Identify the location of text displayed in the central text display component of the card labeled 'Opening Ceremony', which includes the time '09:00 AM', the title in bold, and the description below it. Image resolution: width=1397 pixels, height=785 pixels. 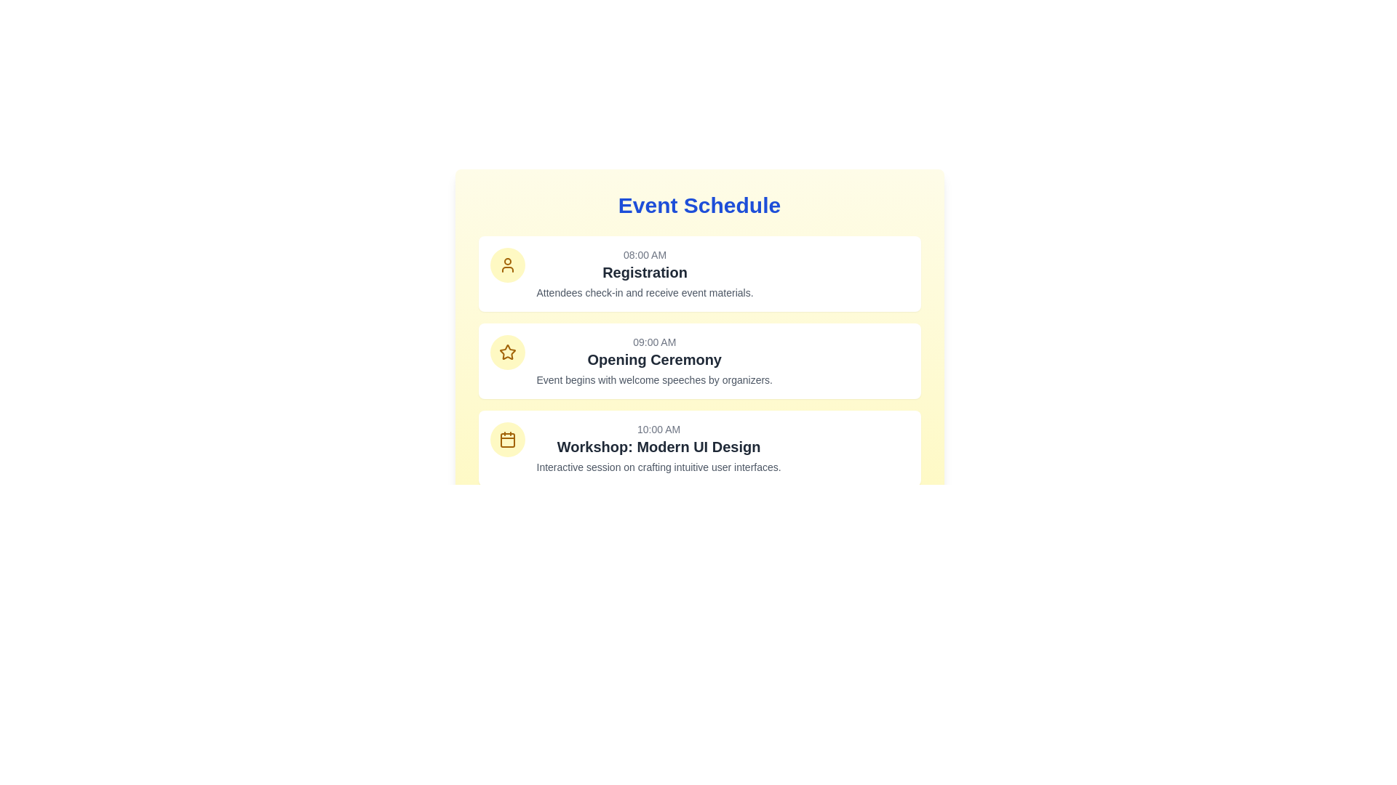
(653, 361).